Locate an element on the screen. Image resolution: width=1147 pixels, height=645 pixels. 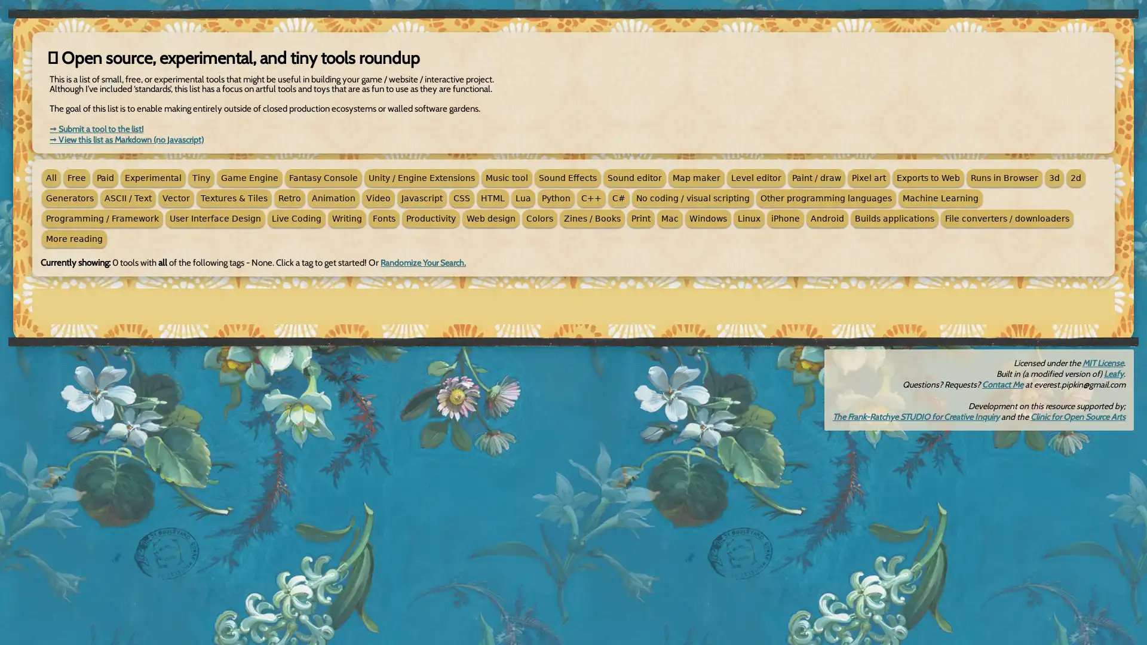
Paint / draw is located at coordinates (816, 177).